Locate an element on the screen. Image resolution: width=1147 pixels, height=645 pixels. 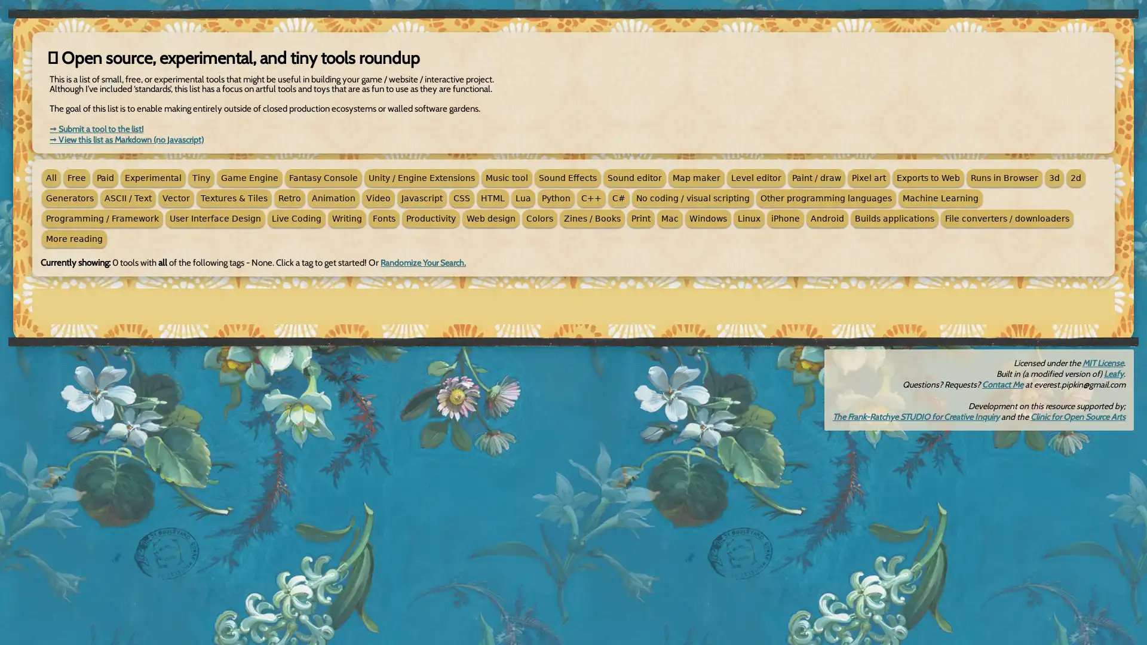
Paint / draw is located at coordinates (816, 177).